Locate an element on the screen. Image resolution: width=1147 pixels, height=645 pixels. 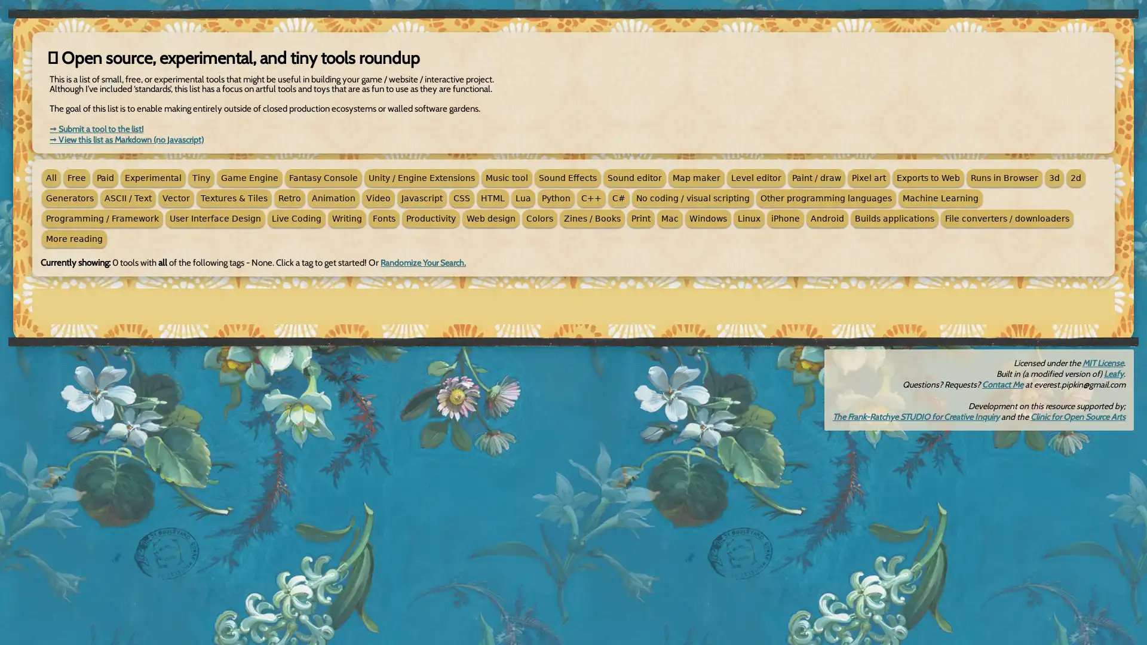
Paint / draw is located at coordinates (816, 177).